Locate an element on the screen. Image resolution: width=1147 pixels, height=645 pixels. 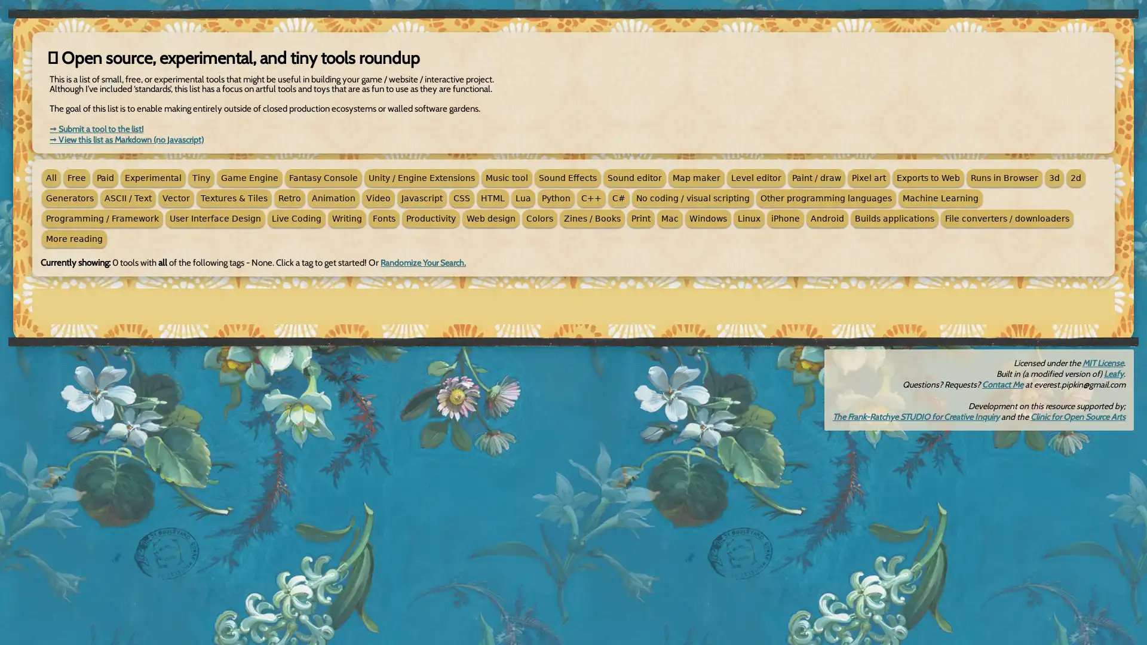
Paint / draw is located at coordinates (816, 177).